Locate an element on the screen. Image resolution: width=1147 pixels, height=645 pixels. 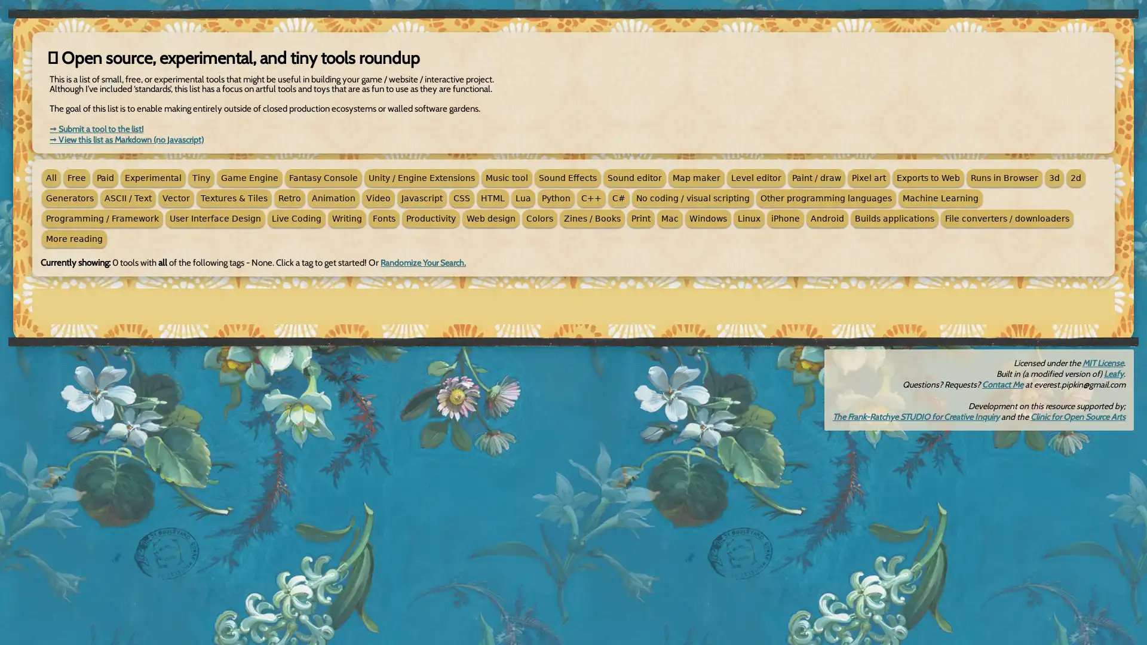
Paint / draw is located at coordinates (816, 177).